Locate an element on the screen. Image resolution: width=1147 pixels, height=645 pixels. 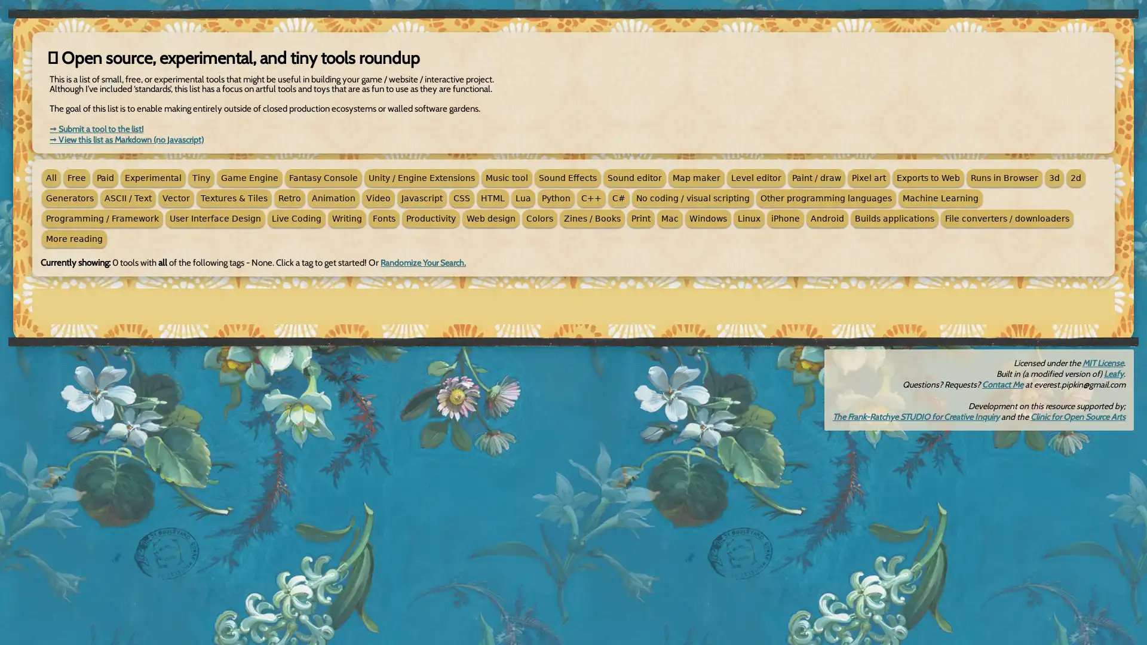
Paint / draw is located at coordinates (816, 177).